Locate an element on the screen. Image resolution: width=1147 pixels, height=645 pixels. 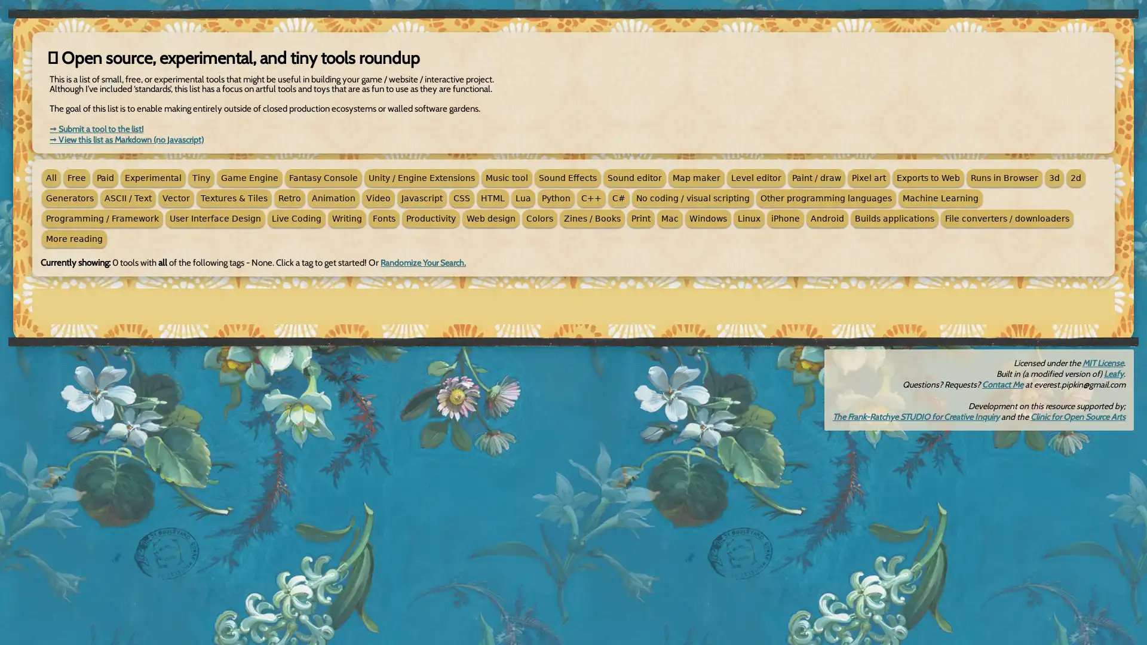
Paint / draw is located at coordinates (816, 177).